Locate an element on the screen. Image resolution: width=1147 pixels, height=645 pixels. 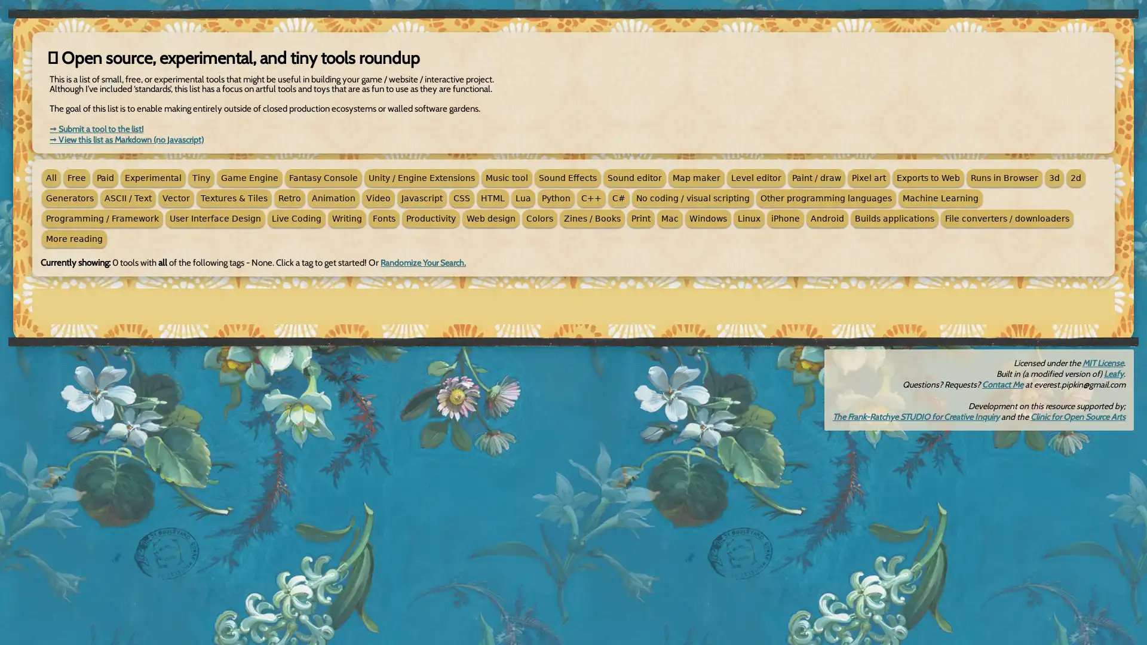
Paint / draw is located at coordinates (816, 177).